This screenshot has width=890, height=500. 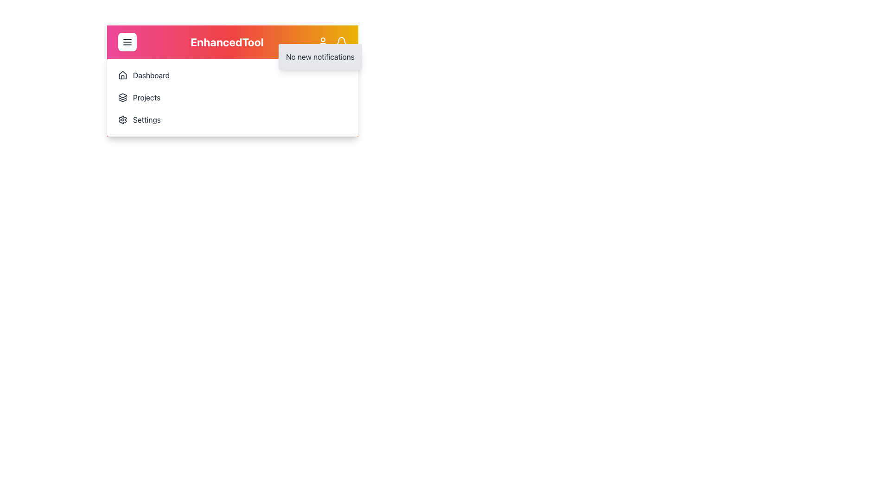 What do you see at coordinates (341, 42) in the screenshot?
I see `the bell icon in the navigation bar` at bounding box center [341, 42].